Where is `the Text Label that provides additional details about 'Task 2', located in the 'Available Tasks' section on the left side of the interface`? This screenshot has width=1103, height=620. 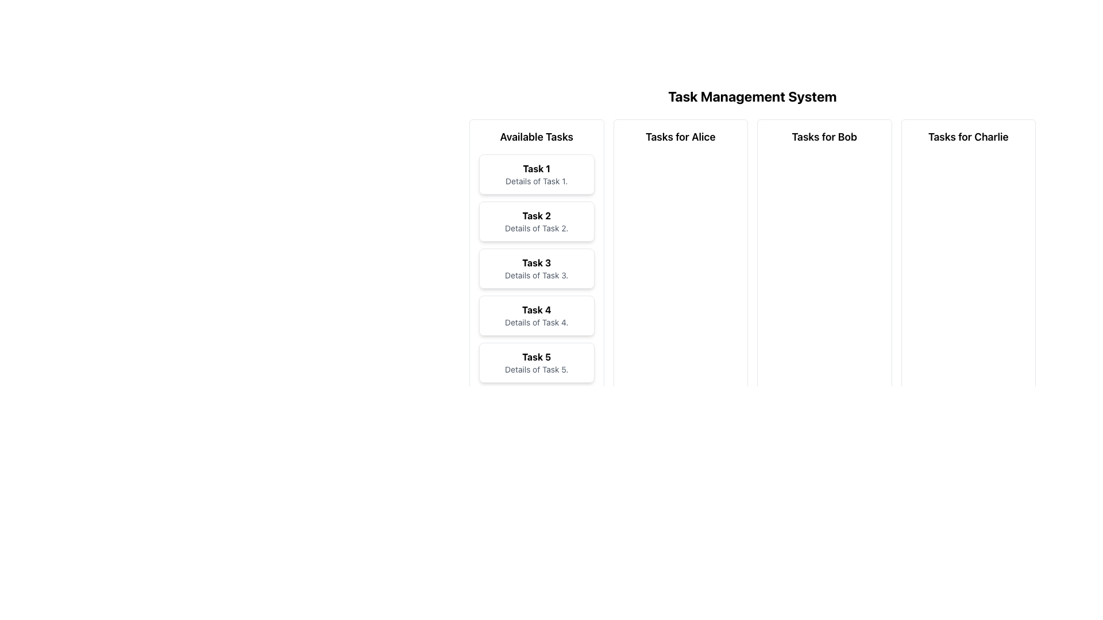 the Text Label that provides additional details about 'Task 2', located in the 'Available Tasks' section on the left side of the interface is located at coordinates (536, 228).